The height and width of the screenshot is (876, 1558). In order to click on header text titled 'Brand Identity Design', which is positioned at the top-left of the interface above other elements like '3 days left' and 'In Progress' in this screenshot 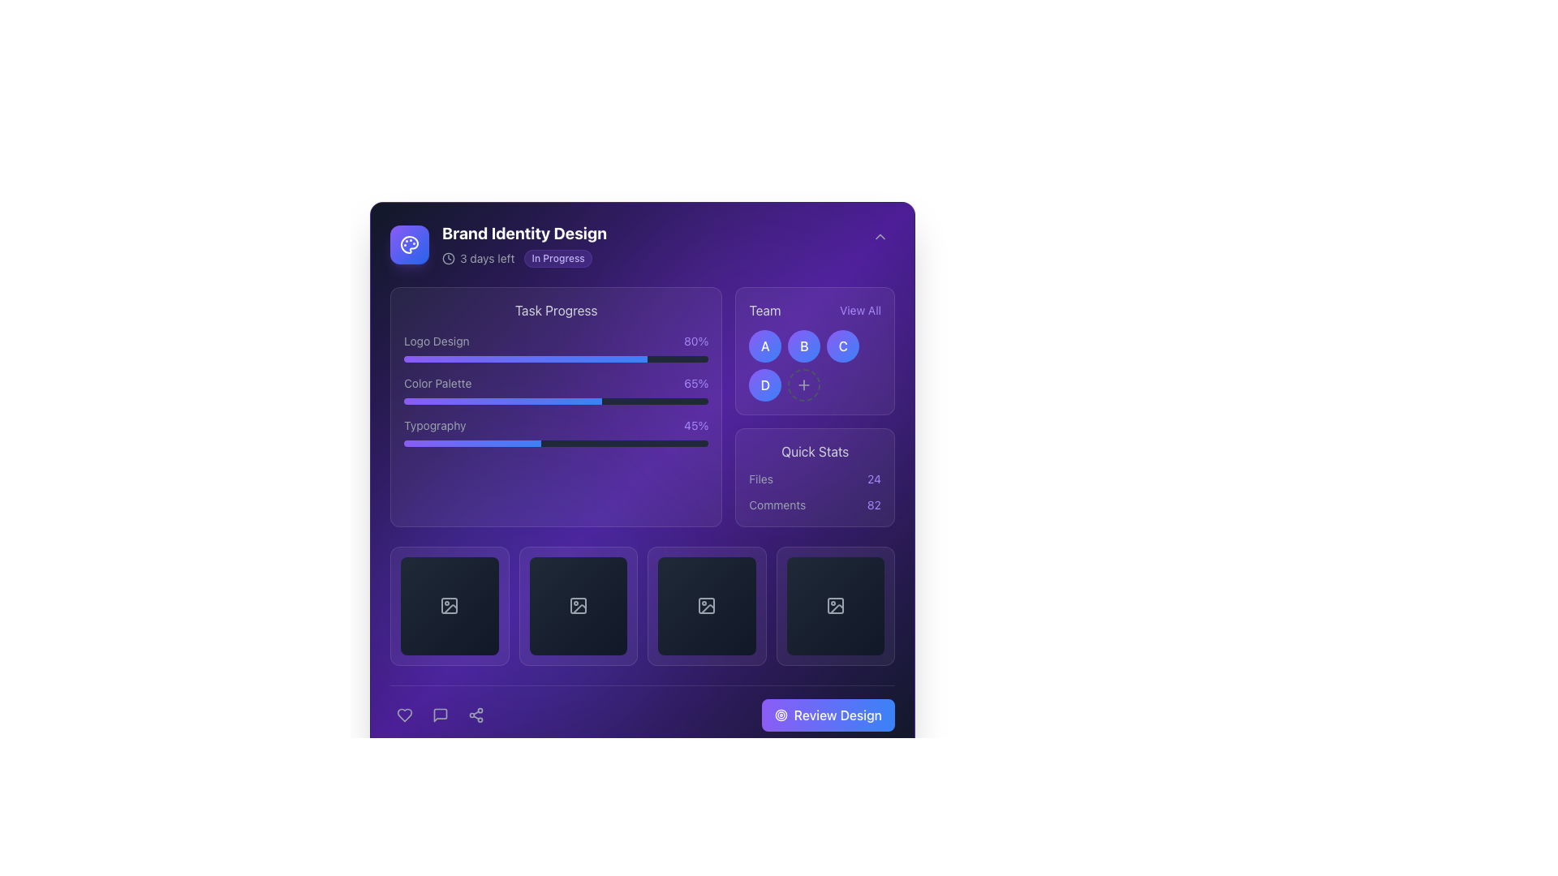, I will do `click(524, 234)`.